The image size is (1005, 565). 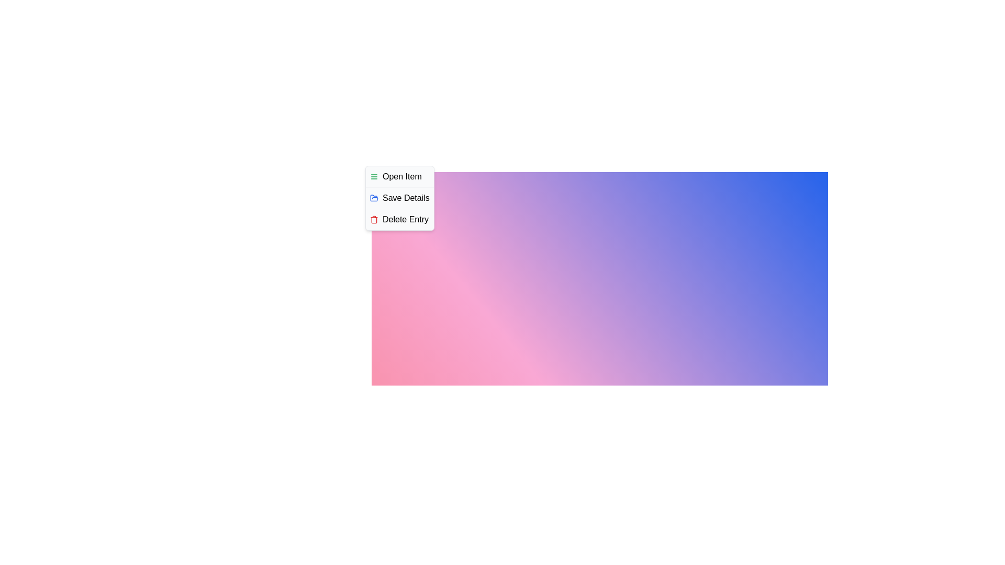 I want to click on the 'Delete Entry' option in the context menu, so click(x=399, y=219).